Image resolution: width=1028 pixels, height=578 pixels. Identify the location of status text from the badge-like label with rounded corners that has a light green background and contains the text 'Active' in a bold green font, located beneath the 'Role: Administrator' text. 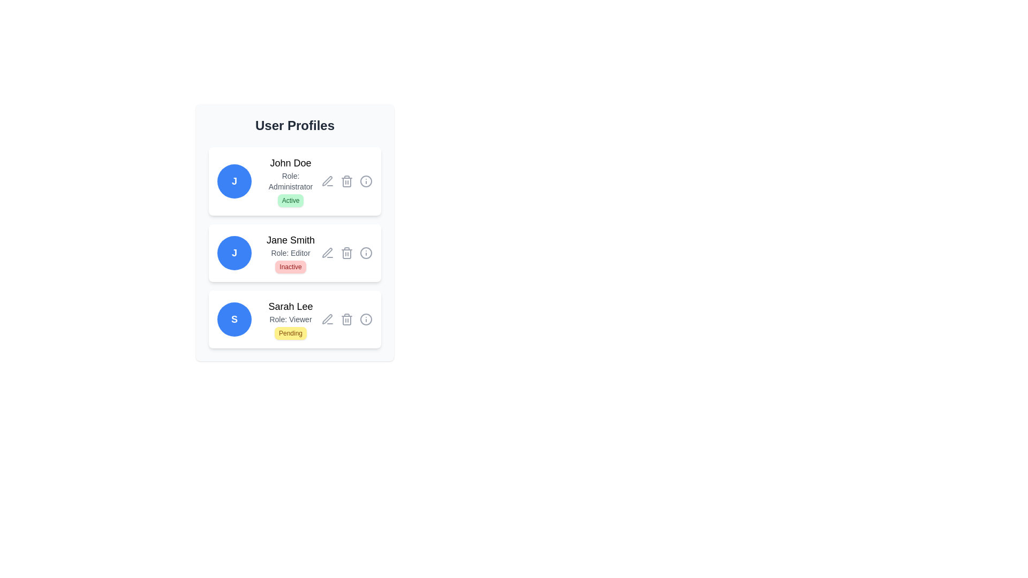
(290, 200).